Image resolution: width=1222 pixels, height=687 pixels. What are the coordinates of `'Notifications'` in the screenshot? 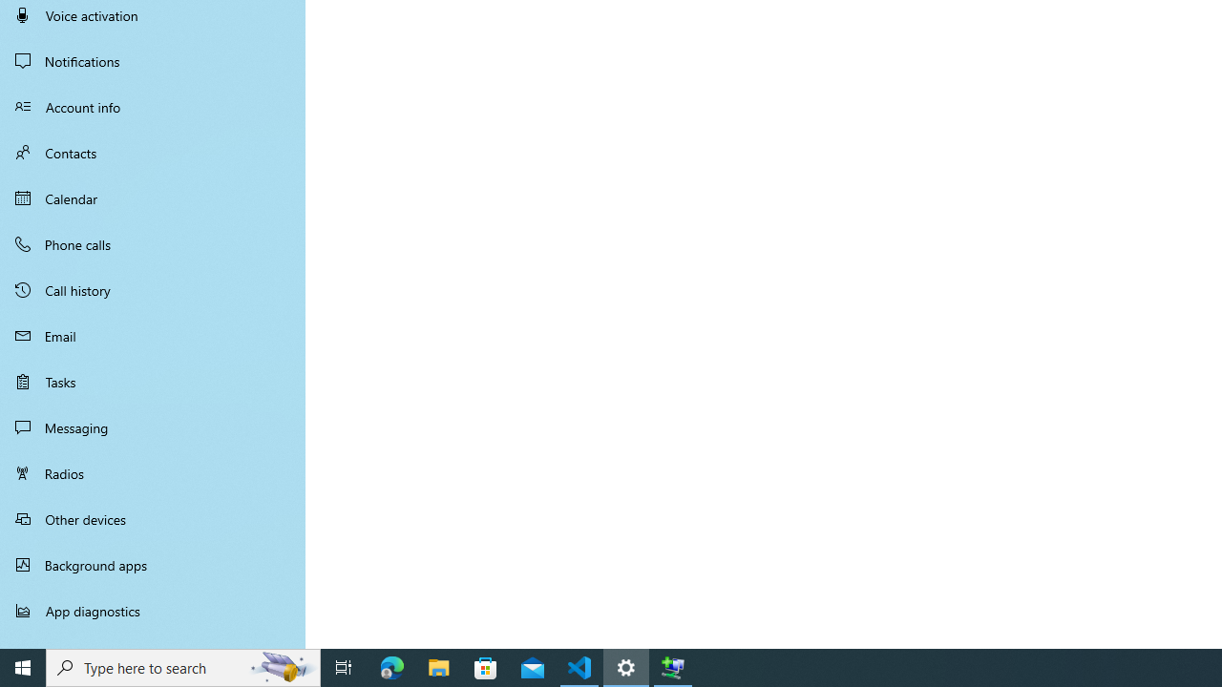 It's located at (153, 60).